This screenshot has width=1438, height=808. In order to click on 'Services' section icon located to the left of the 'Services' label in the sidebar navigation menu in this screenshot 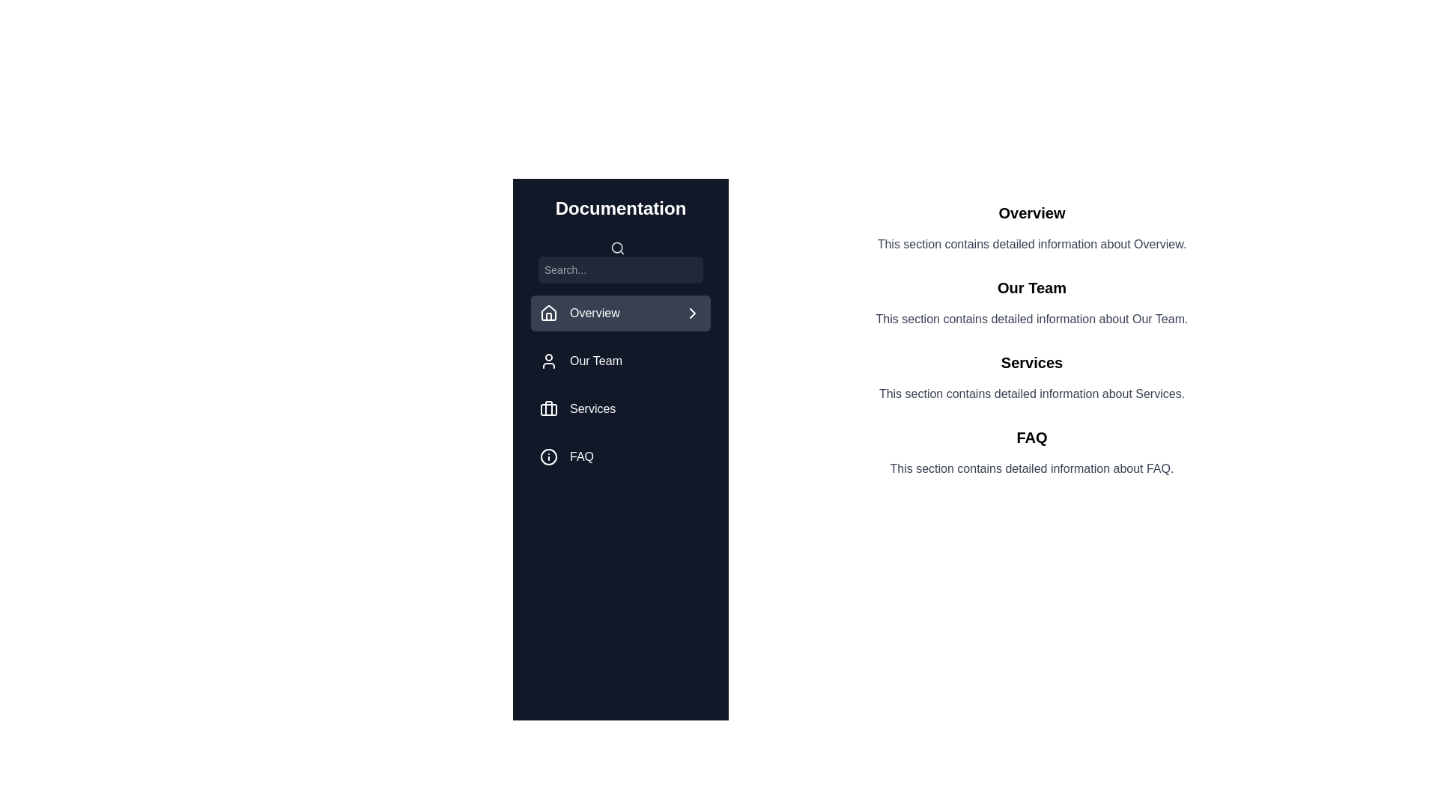, I will do `click(548, 409)`.